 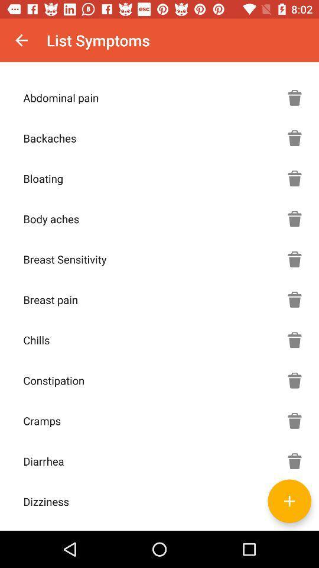 I want to click on delete option, so click(x=294, y=380).